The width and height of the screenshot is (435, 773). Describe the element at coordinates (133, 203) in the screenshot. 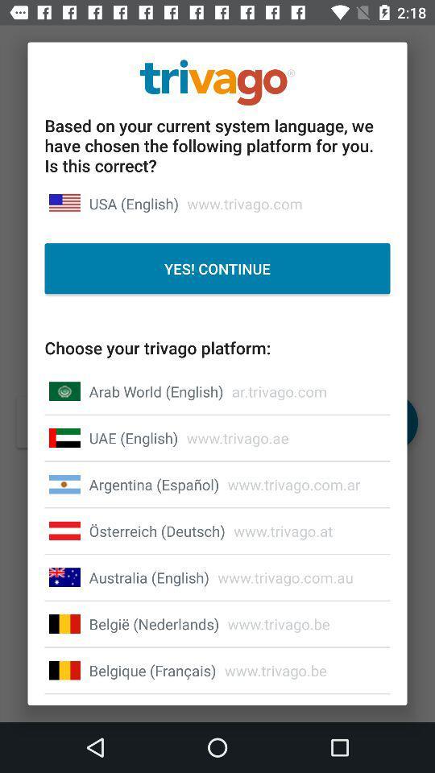

I see `the icon next to www.trivago.com item` at that location.